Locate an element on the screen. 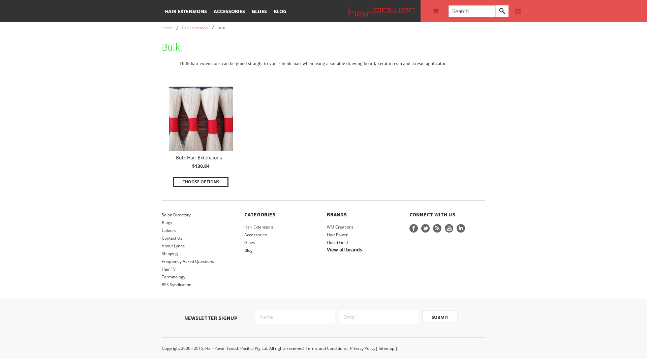 Image resolution: width=647 pixels, height=364 pixels. 'ACCESSORIES' is located at coordinates (229, 11).